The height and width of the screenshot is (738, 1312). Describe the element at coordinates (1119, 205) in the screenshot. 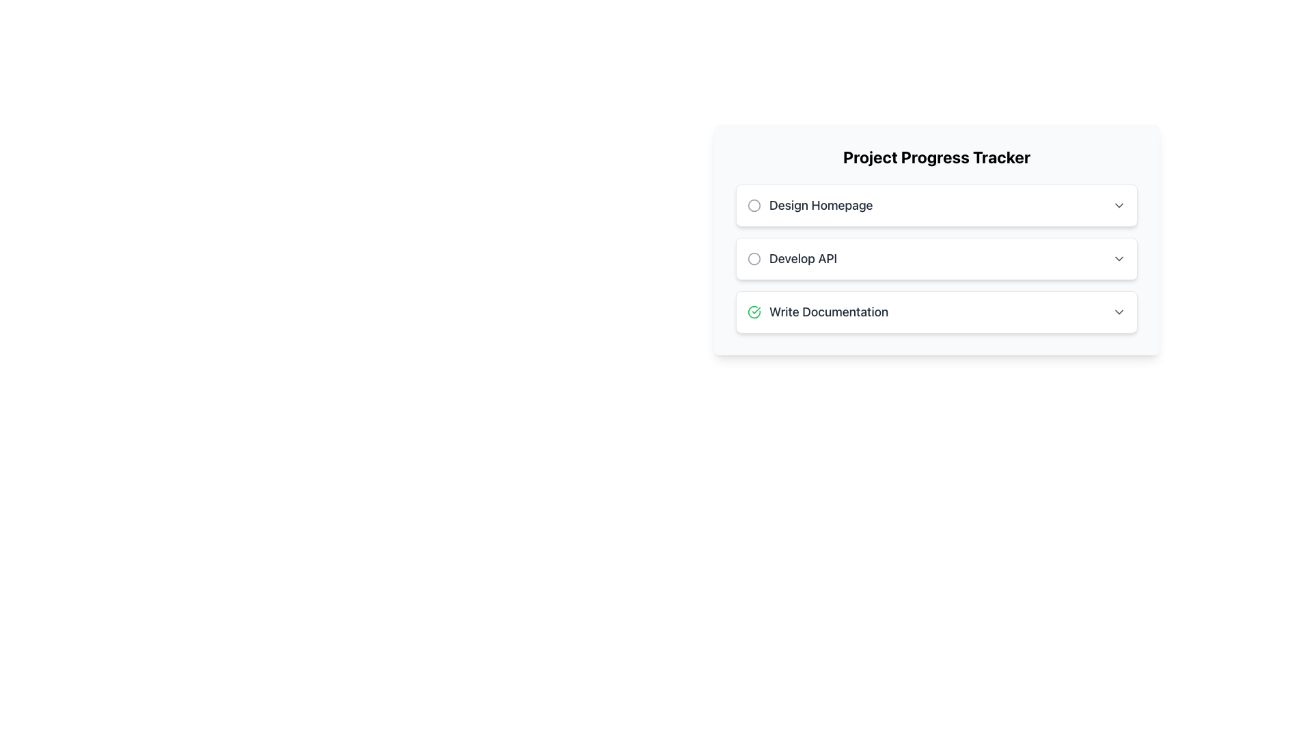

I see `the dropdown toggle button on the right side of the task row for 'Design Homepage'` at that location.